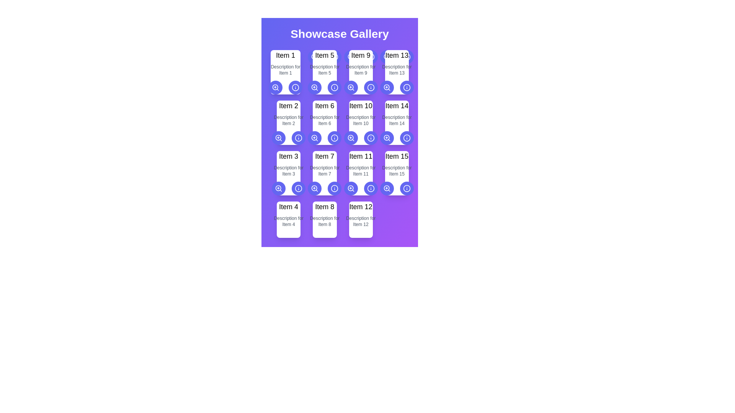 This screenshot has height=413, width=735. Describe the element at coordinates (288, 156) in the screenshot. I see `text element displaying 'Item 3' at the top of the card layout in the second row and first column of the grid under 'Showcase Gallery'` at that location.